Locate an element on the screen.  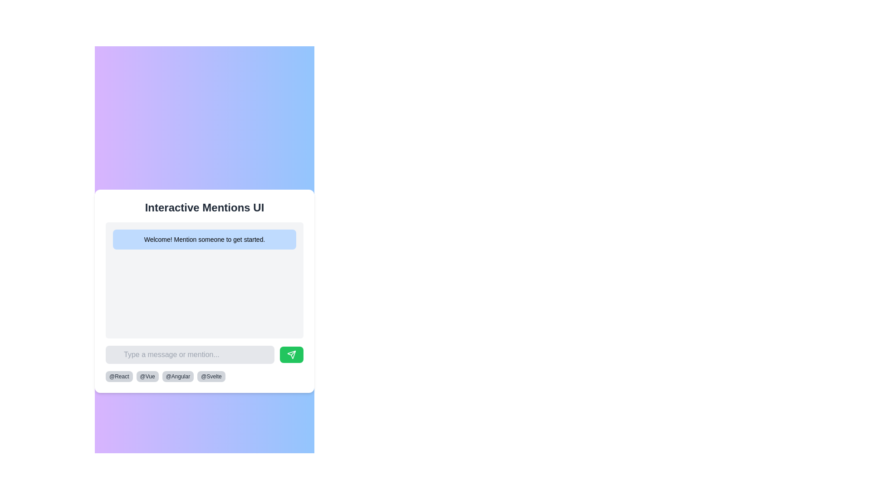
the '@Angular' button, which is a small rectangular button with rounded corners, filled with a gray background, located in a horizontal layout among other buttons is located at coordinates (178, 376).